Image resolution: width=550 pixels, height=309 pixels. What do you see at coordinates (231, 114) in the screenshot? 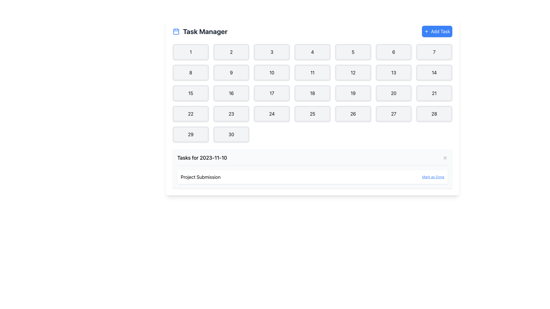
I see `the rectangular button labeled '23' to observe a change in background color` at bounding box center [231, 114].